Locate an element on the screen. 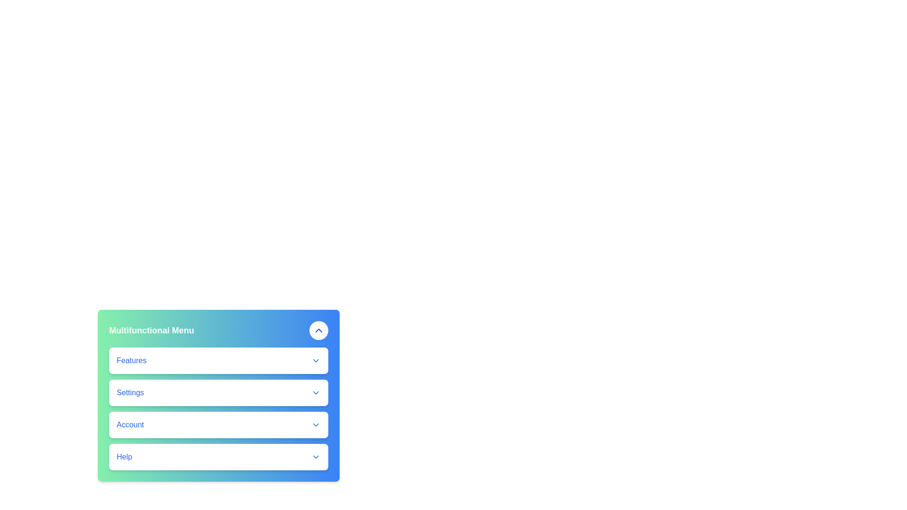 The width and height of the screenshot is (907, 510). the text label at the bottom-most option of the dropdown menu, located directly under the 'Account' option, which provides access to help-related features is located at coordinates (124, 457).